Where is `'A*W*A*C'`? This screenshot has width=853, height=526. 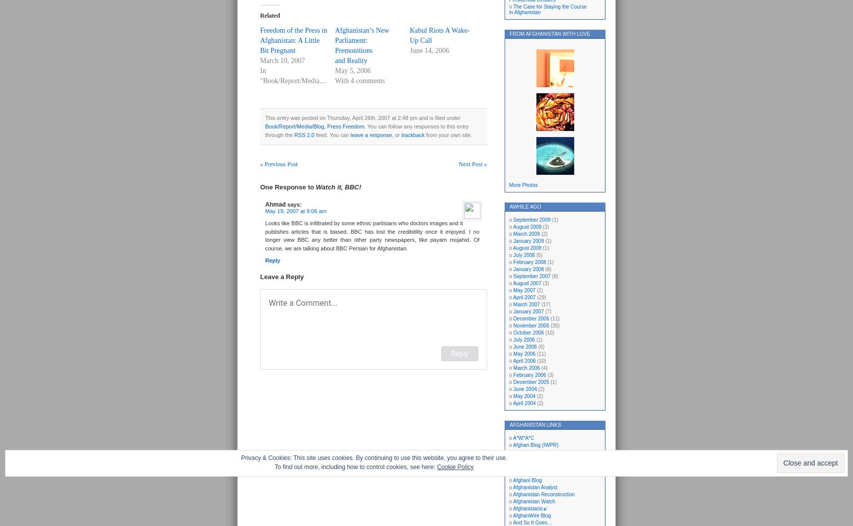
'A*W*A*C' is located at coordinates (523, 438).